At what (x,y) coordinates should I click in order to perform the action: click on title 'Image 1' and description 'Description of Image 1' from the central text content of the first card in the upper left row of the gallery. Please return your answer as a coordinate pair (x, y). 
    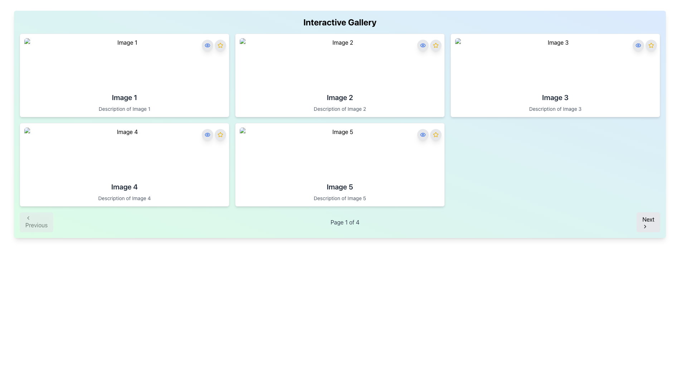
    Looking at the image, I should click on (124, 102).